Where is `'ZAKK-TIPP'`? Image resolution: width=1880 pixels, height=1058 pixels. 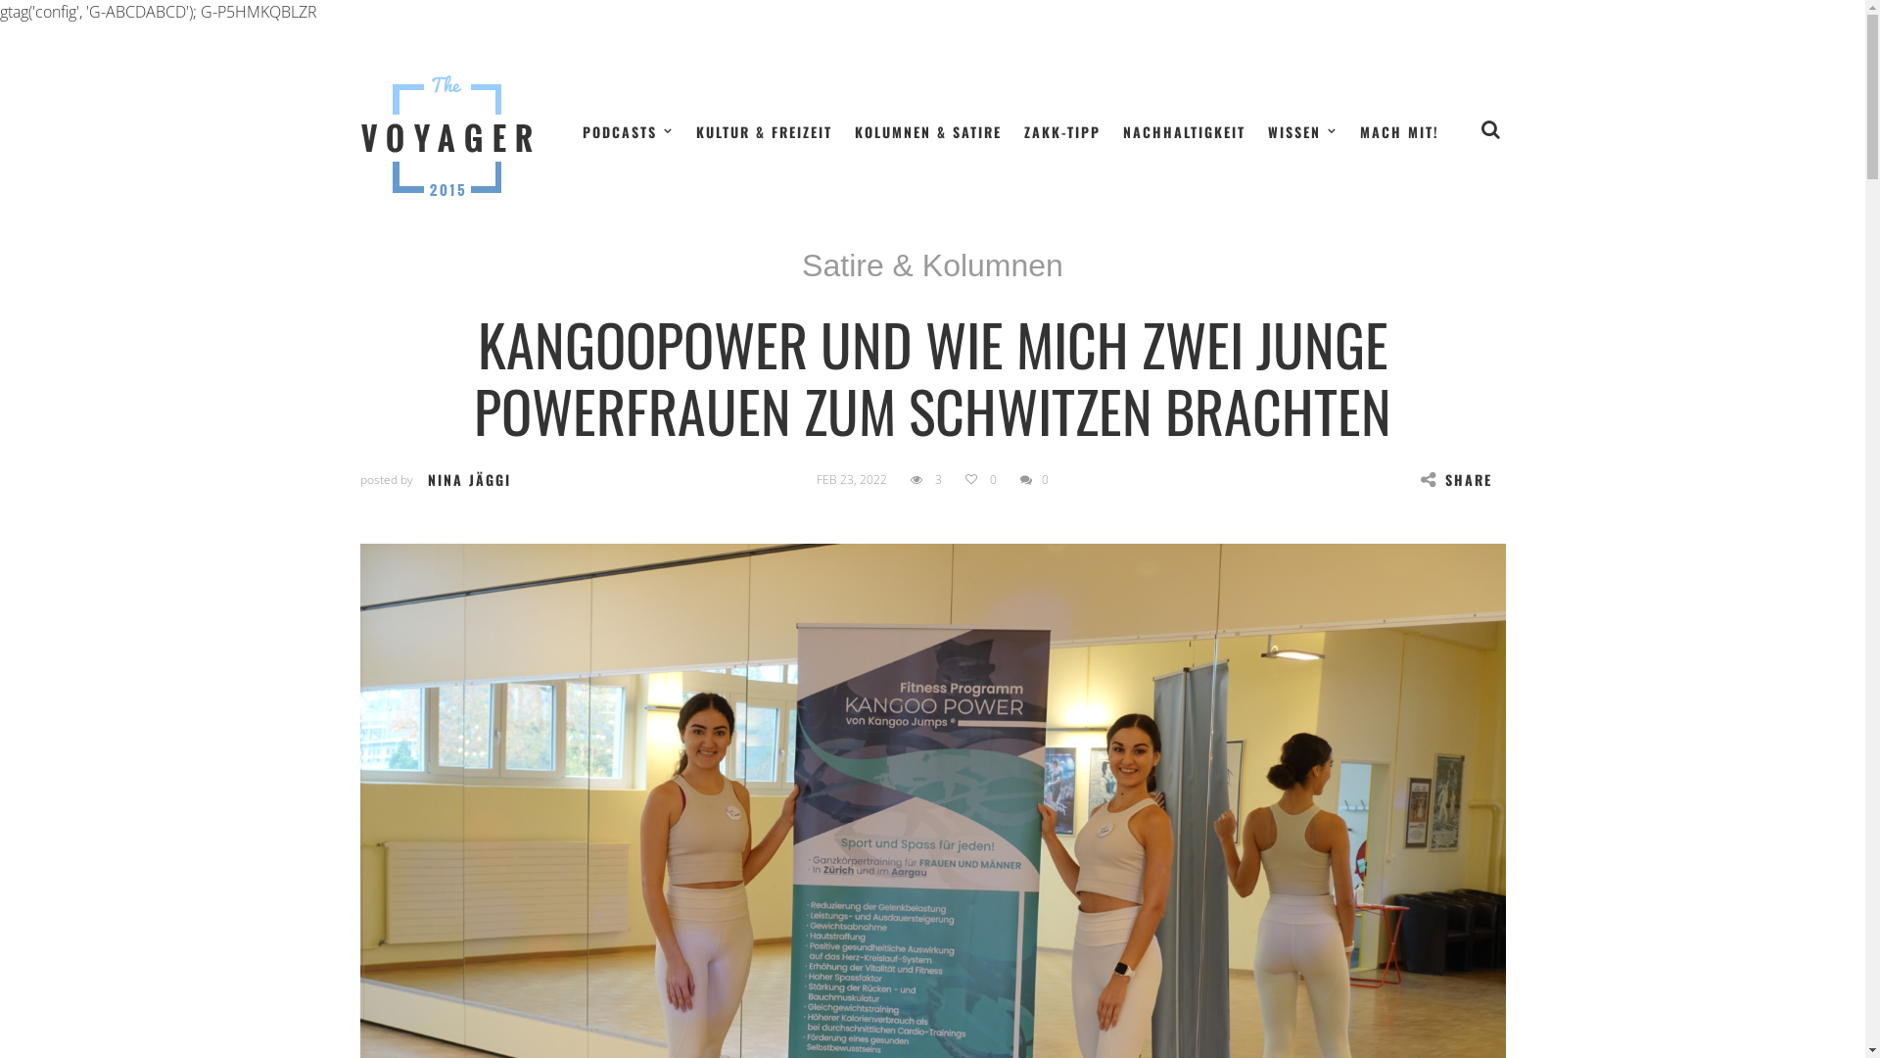
'ZAKK-TIPP' is located at coordinates (1060, 132).